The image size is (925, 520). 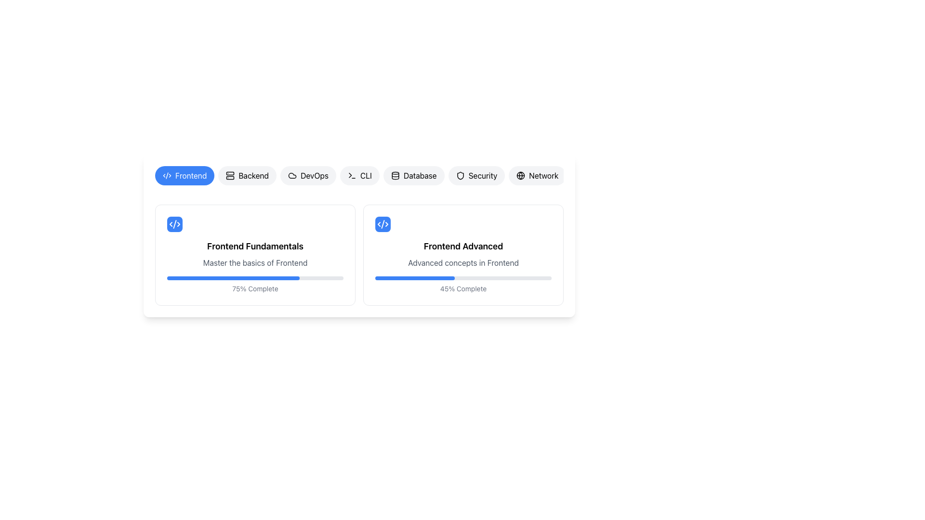 What do you see at coordinates (463, 246) in the screenshot?
I see `the text label displaying the title of the 'Frontend Advanced' course` at bounding box center [463, 246].